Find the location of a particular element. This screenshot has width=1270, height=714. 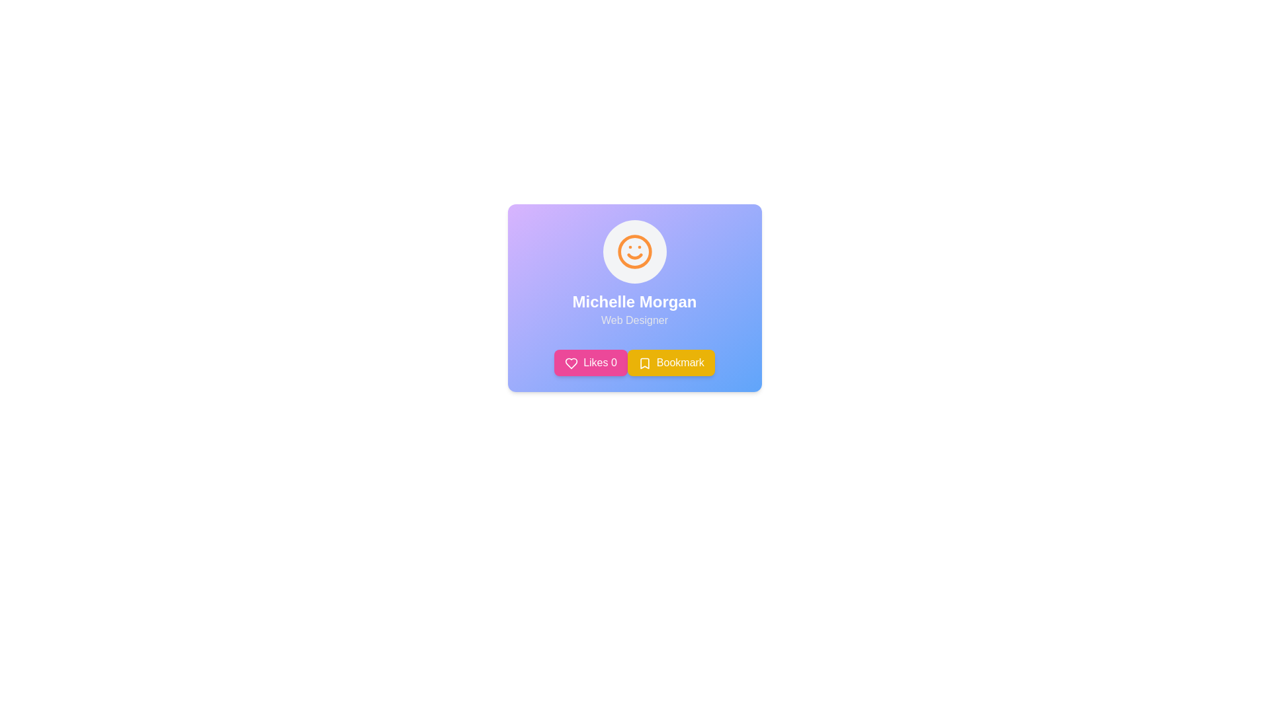

the Static Text element displaying 'Web Designer', which is styled in light gray on a light blue background and is centered below 'Michelle Morgan' is located at coordinates (634, 321).